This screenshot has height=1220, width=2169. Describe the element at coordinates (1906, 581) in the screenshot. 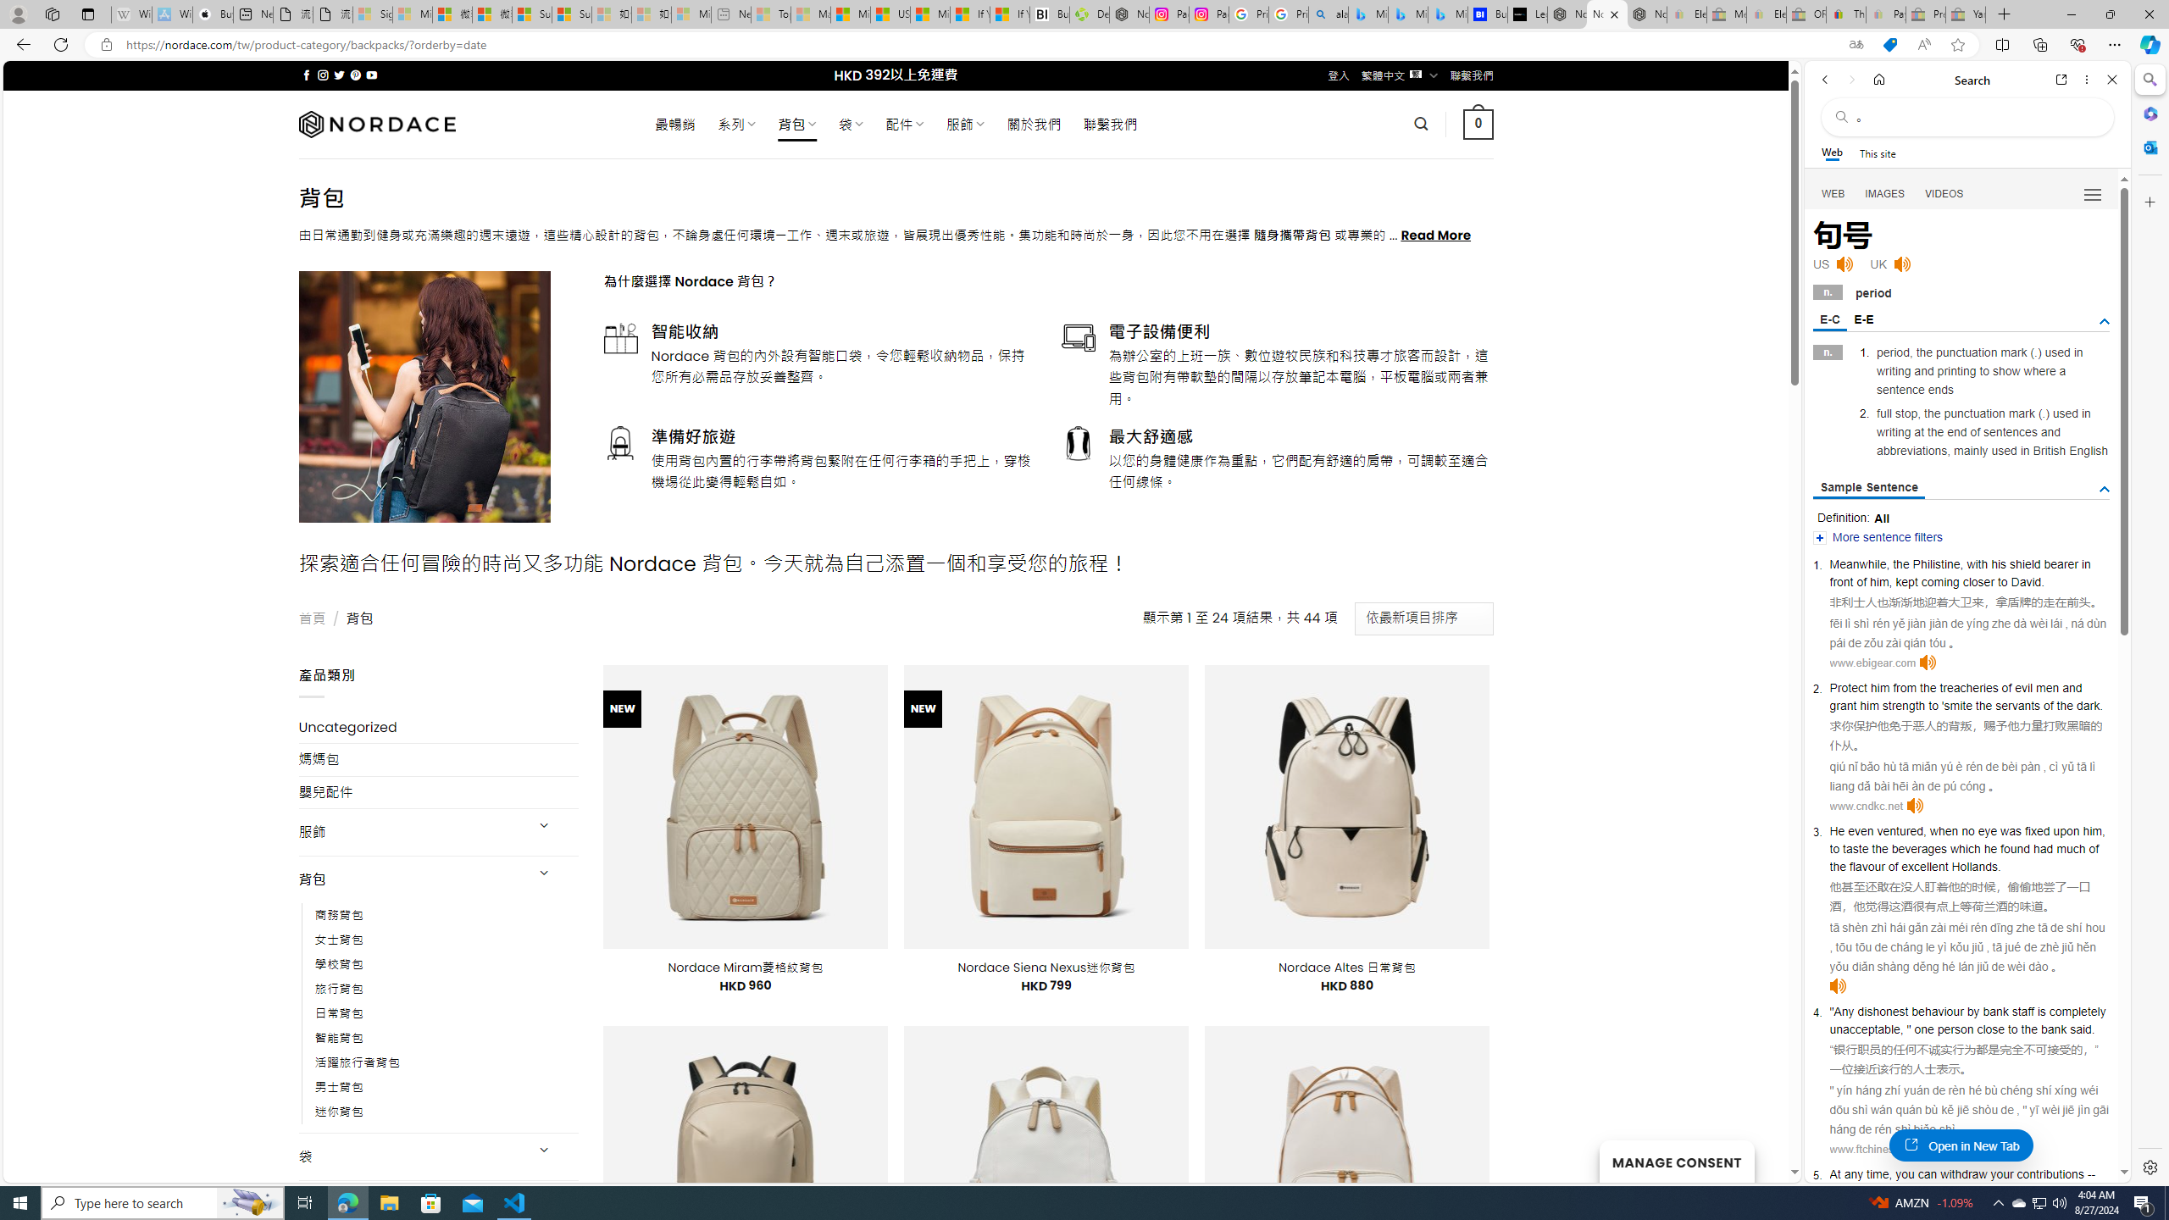

I see `'kept'` at that location.